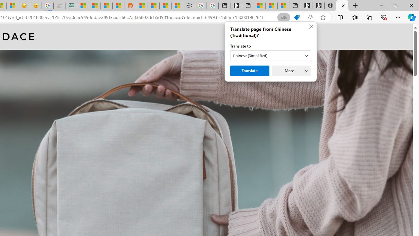 Image resolution: width=419 pixels, height=236 pixels. Describe the element at coordinates (141, 6) in the screenshot. I see `'R******* | Trusted Community Engagement and Contributions'` at that location.